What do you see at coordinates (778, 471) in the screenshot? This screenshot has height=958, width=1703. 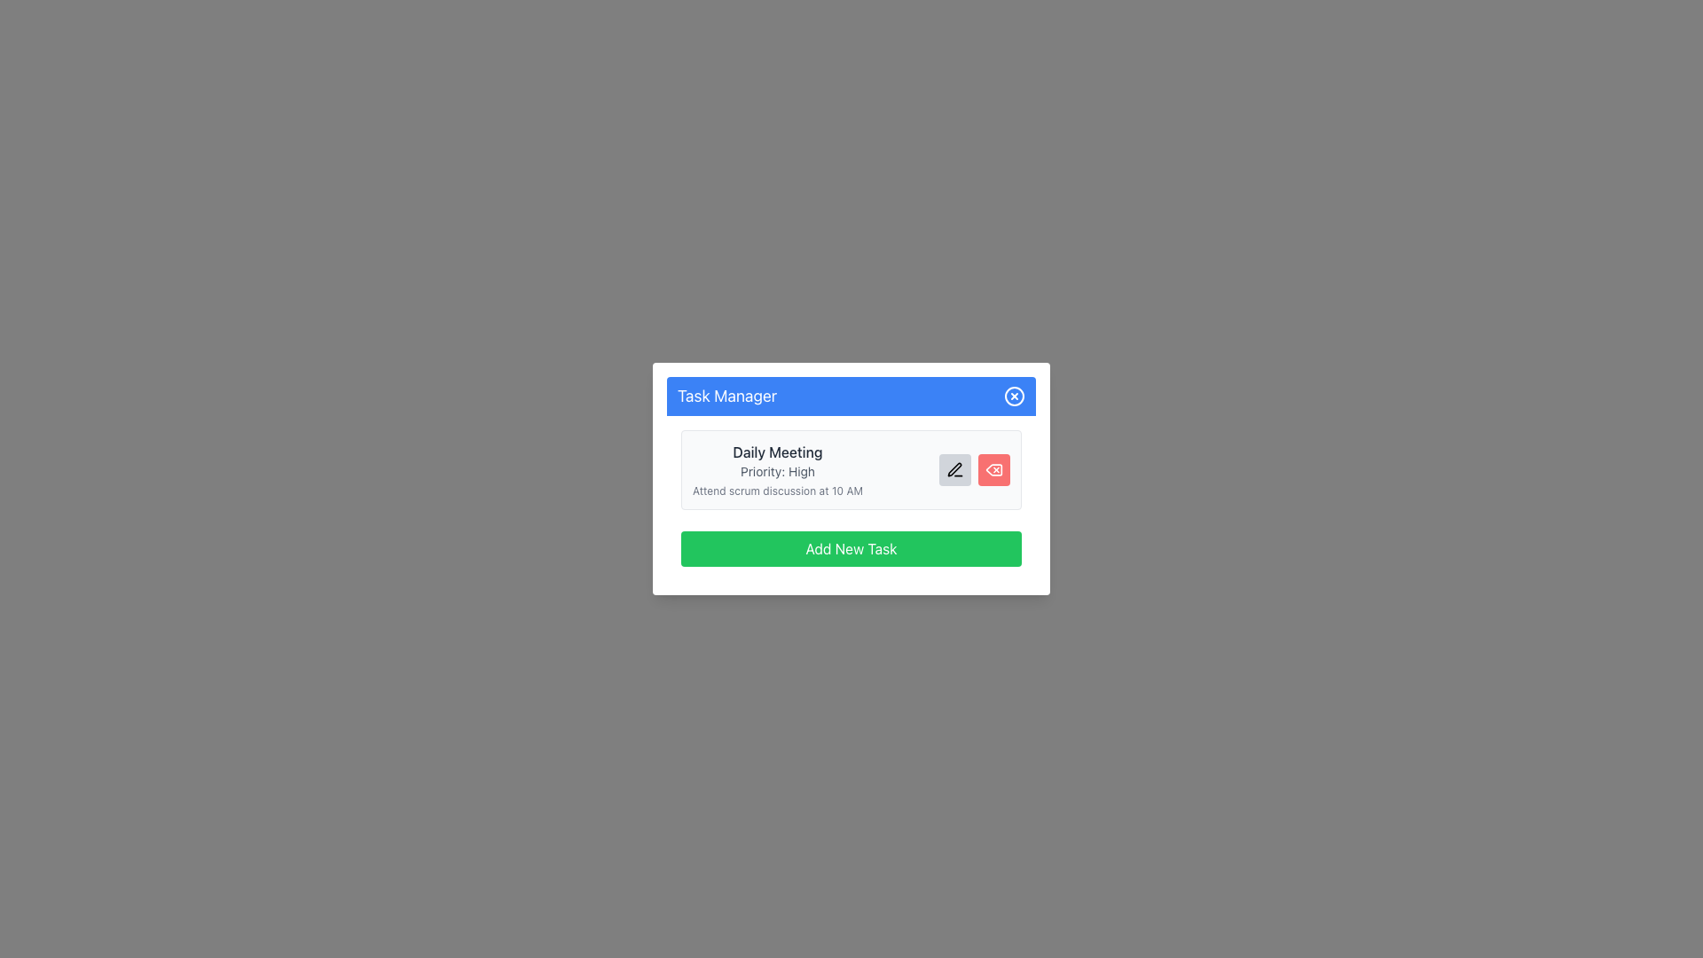 I see `the text label indicating the priority level of the task 'Daily Meeting', which is positioned beneath the heading and above the description text` at bounding box center [778, 471].